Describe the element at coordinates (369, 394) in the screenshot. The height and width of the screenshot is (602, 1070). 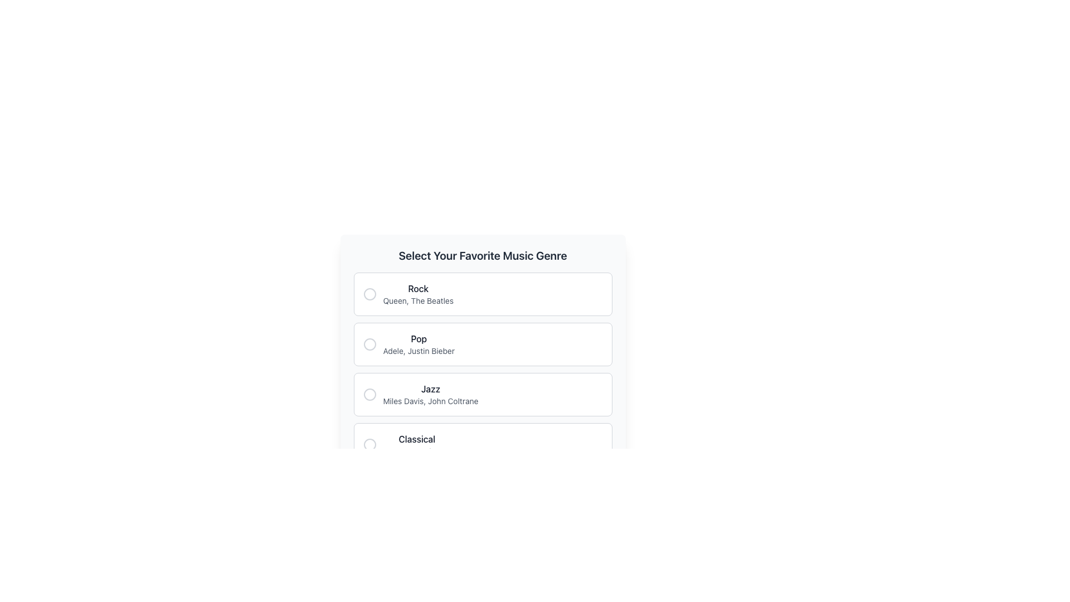
I see `the 'Jazz' radio button` at that location.